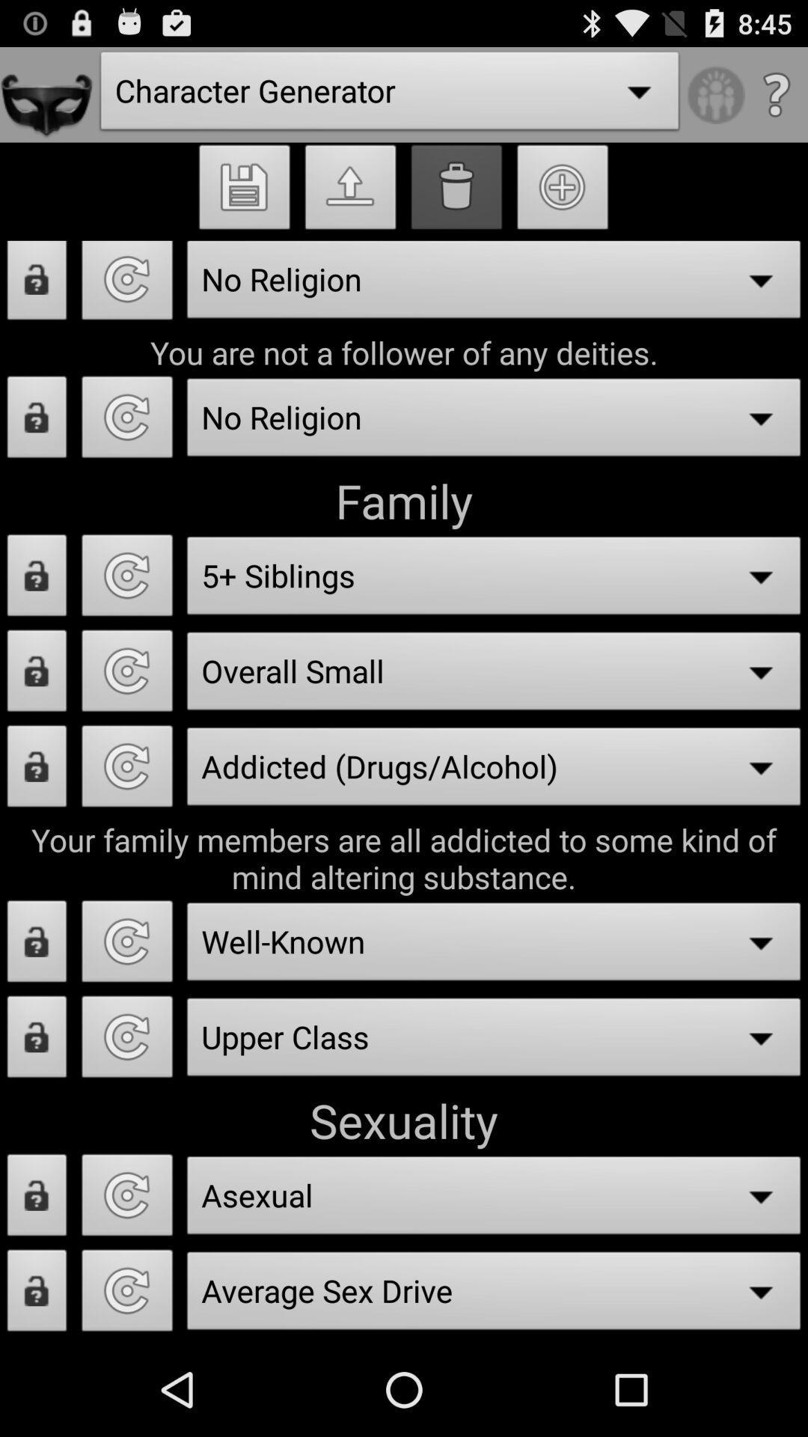 Image resolution: width=808 pixels, height=1437 pixels. I want to click on the delete icon, so click(456, 204).